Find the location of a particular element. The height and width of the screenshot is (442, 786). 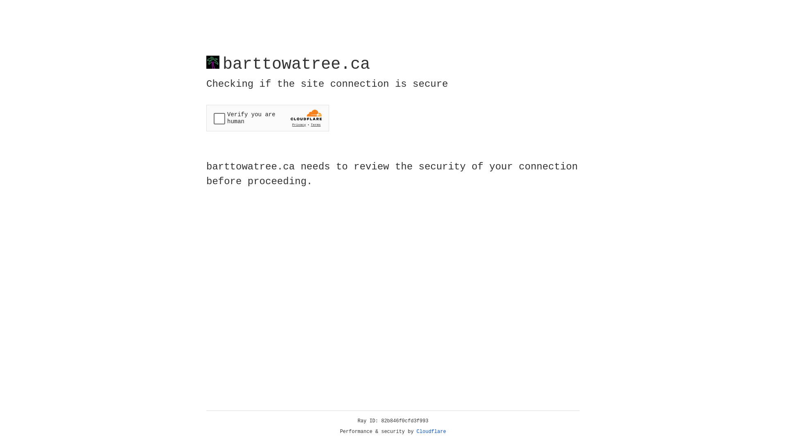

'Widget containing a Cloudflare security challenge' is located at coordinates (267, 118).